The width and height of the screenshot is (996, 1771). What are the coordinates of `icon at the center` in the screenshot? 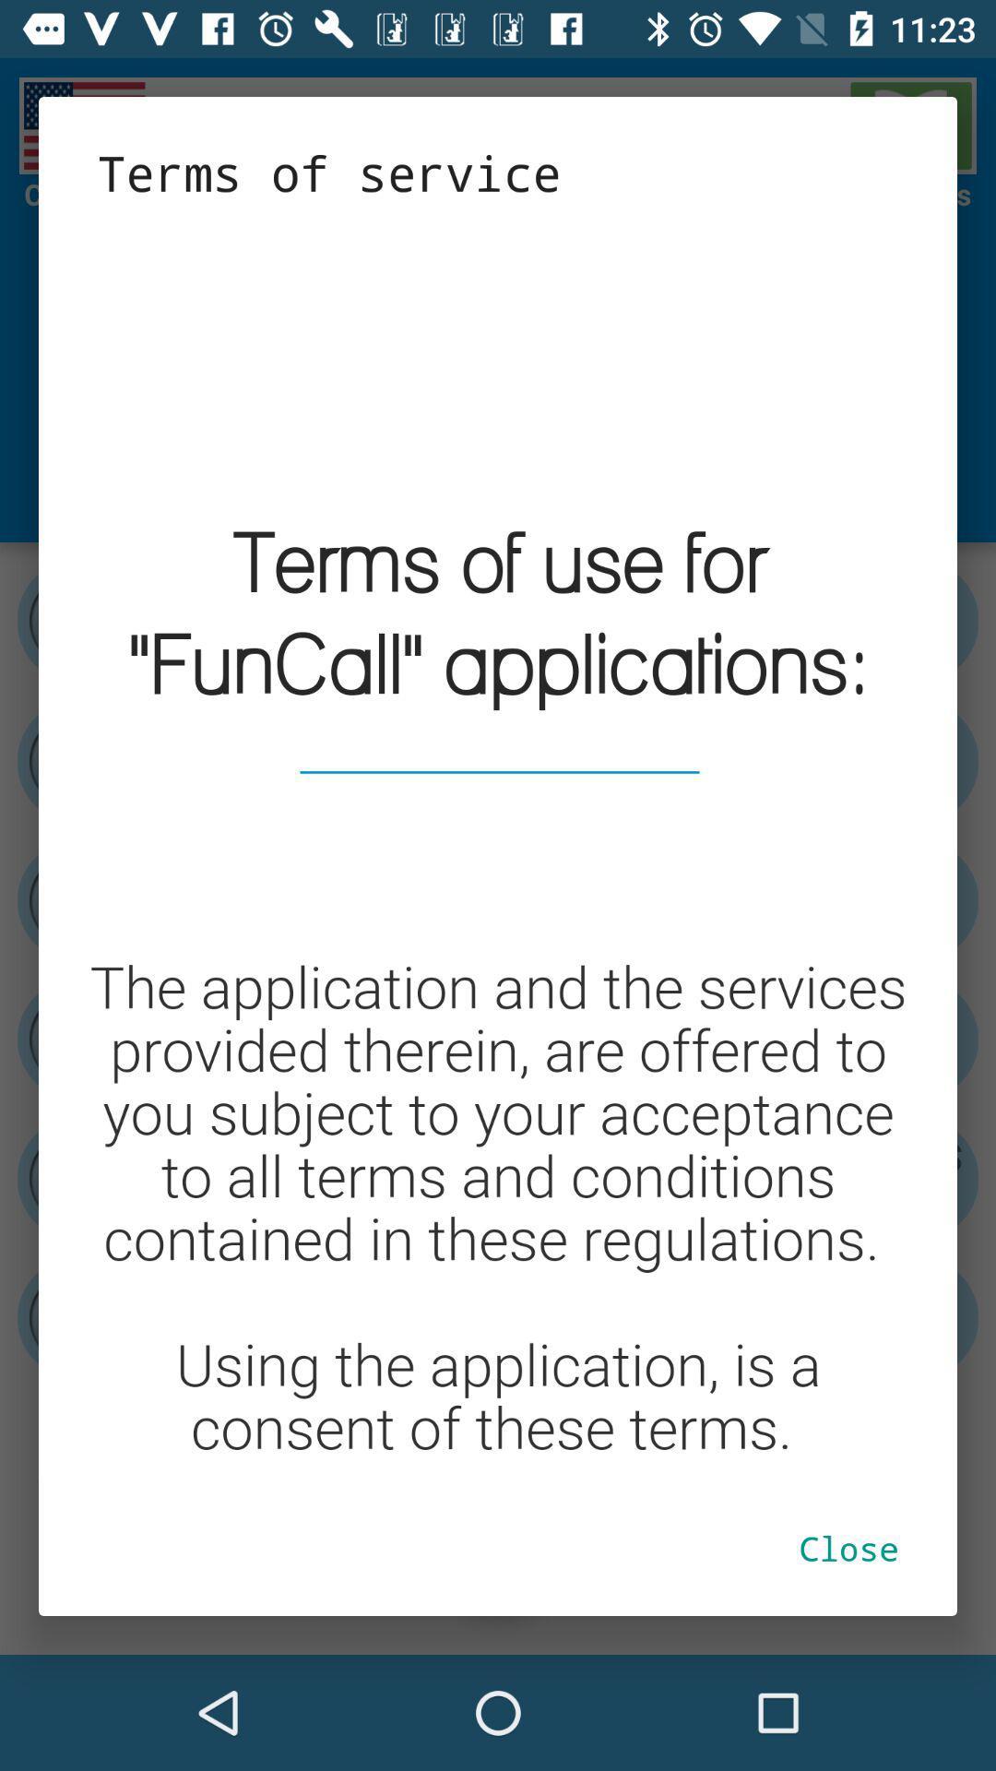 It's located at (498, 841).